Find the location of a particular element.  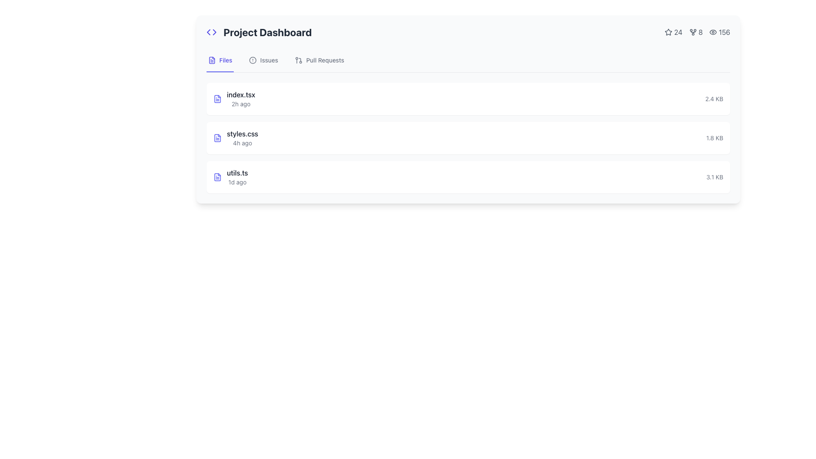

text of the 'Files' tab label, which is the currently active tab in the navigation interface is located at coordinates (226, 60).